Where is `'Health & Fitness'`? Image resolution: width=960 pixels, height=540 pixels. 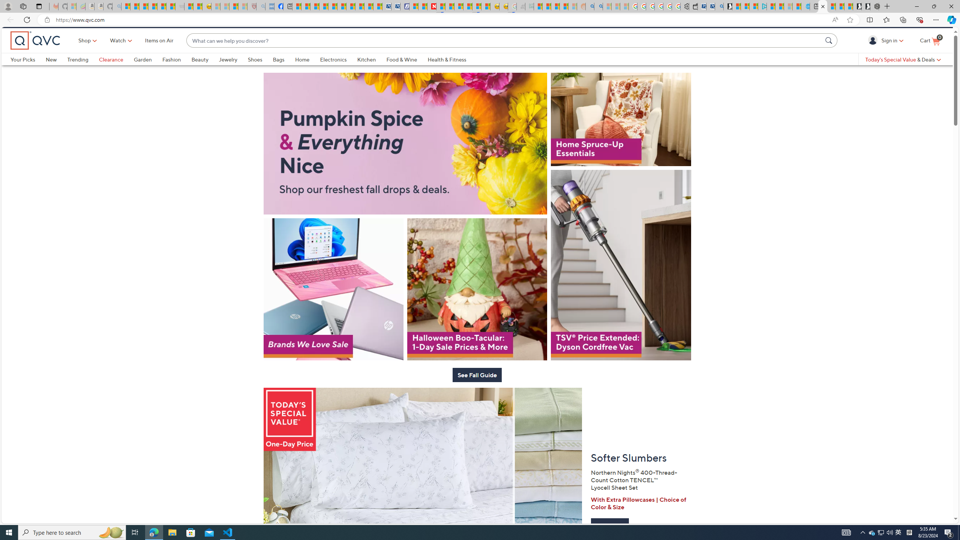
'Health & Fitness' is located at coordinates (446, 72).